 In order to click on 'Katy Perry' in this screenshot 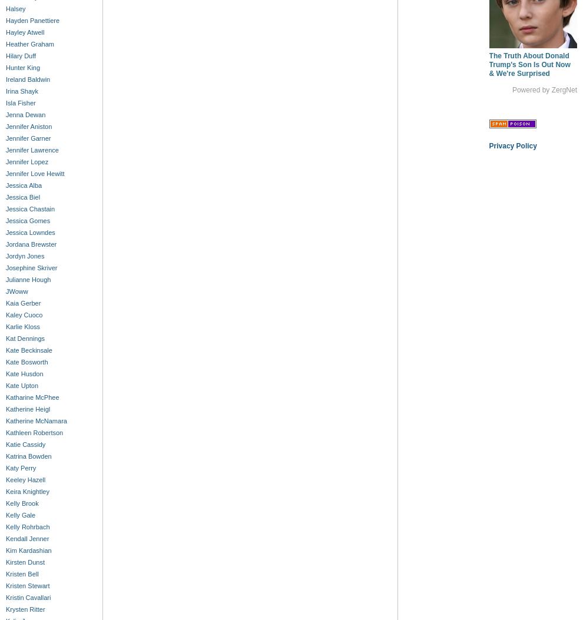, I will do `click(5, 468)`.